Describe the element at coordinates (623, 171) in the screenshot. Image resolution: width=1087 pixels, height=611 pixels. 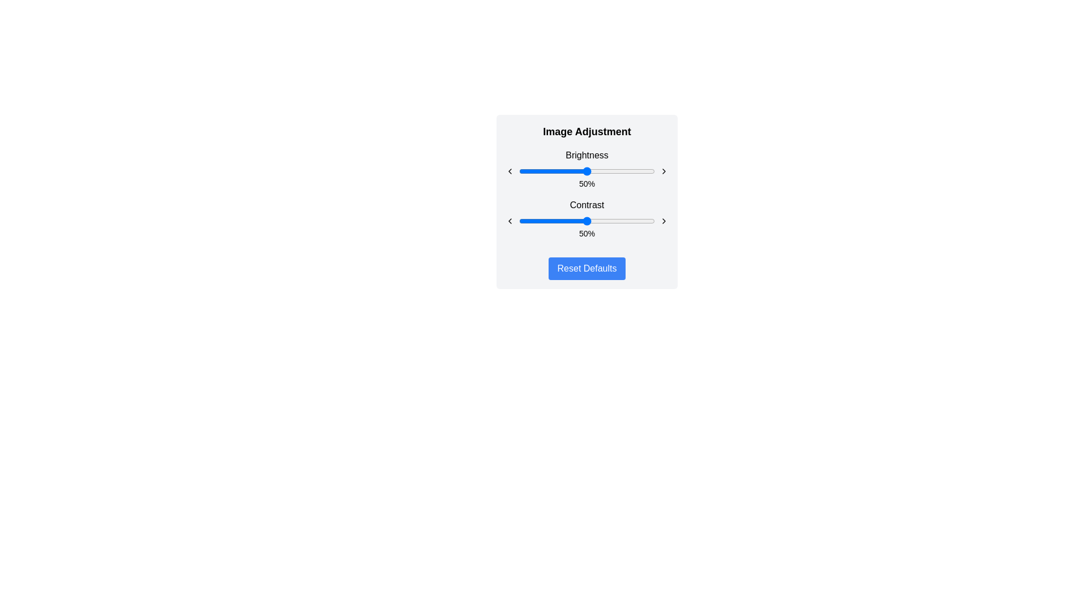
I see `brightness` at that location.